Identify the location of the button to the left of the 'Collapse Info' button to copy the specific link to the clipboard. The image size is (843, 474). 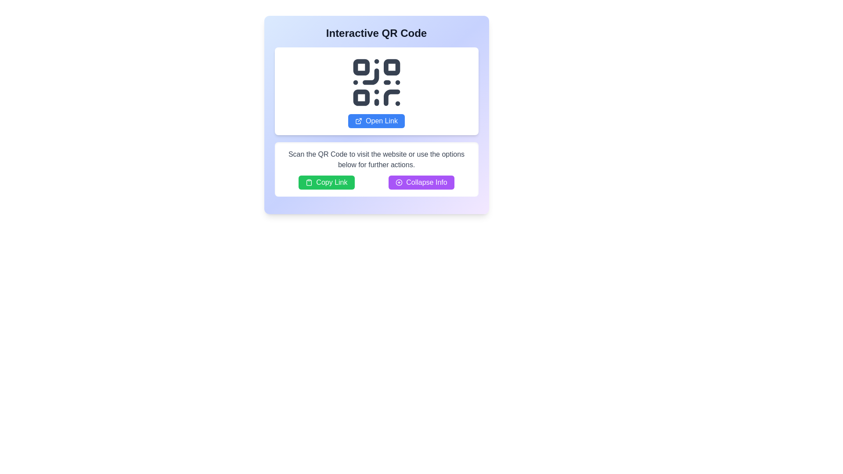
(326, 182).